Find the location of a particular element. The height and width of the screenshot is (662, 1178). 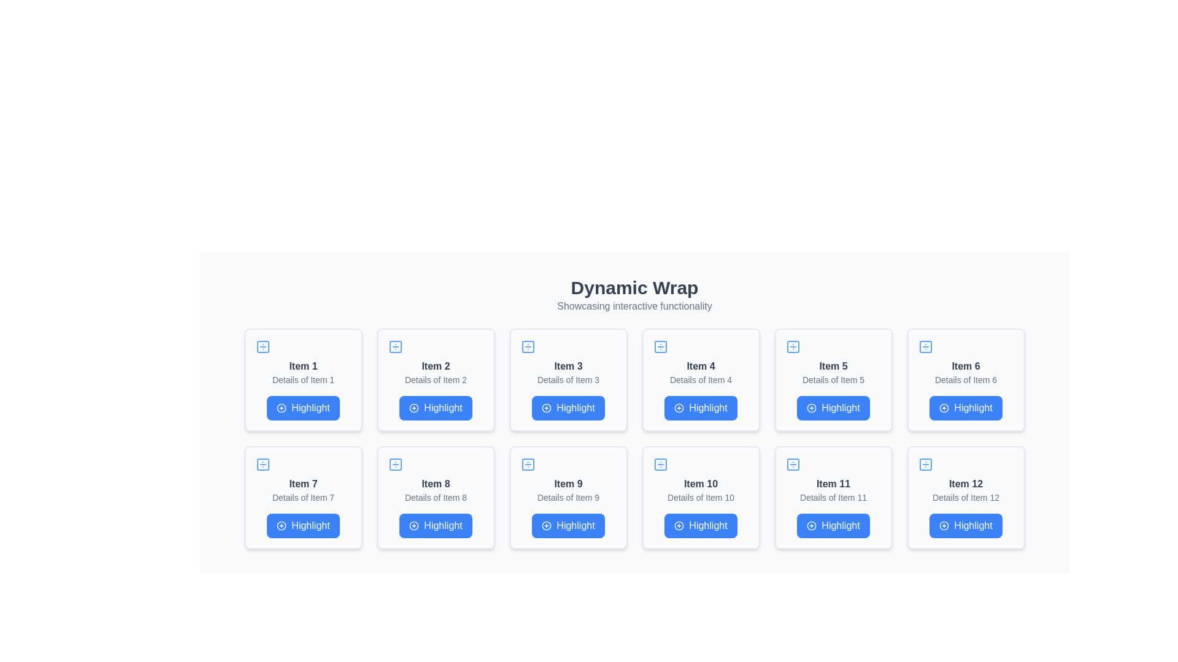

the text label that provides additional information about 'Item 5', which is located in the second row and third column of the card layout is located at coordinates (833, 379).